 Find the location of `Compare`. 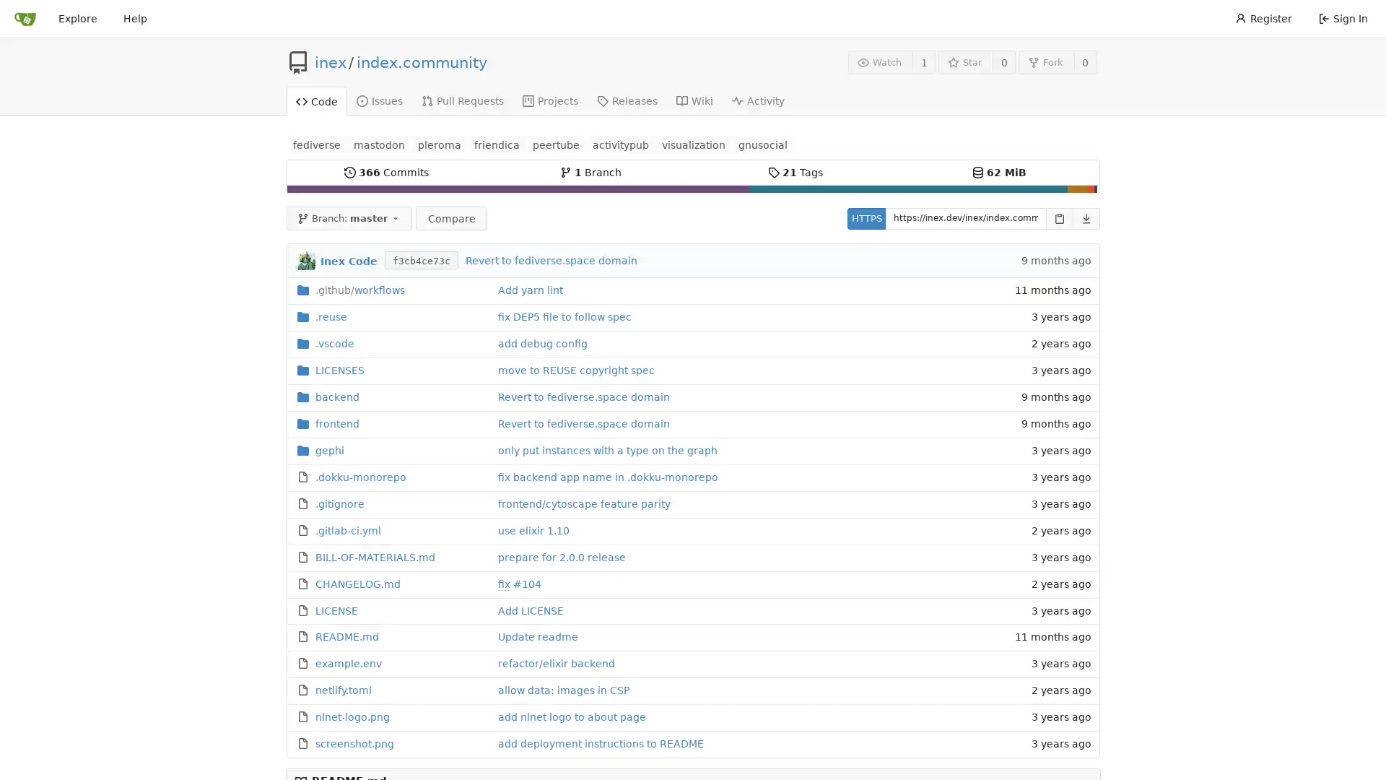

Compare is located at coordinates (450, 217).